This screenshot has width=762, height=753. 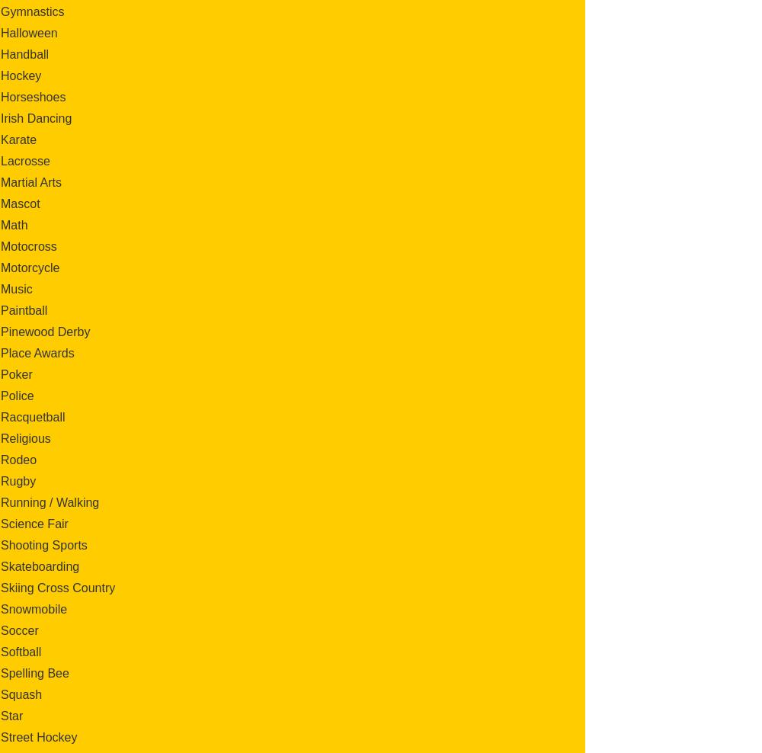 What do you see at coordinates (28, 245) in the screenshot?
I see `'Motocross'` at bounding box center [28, 245].